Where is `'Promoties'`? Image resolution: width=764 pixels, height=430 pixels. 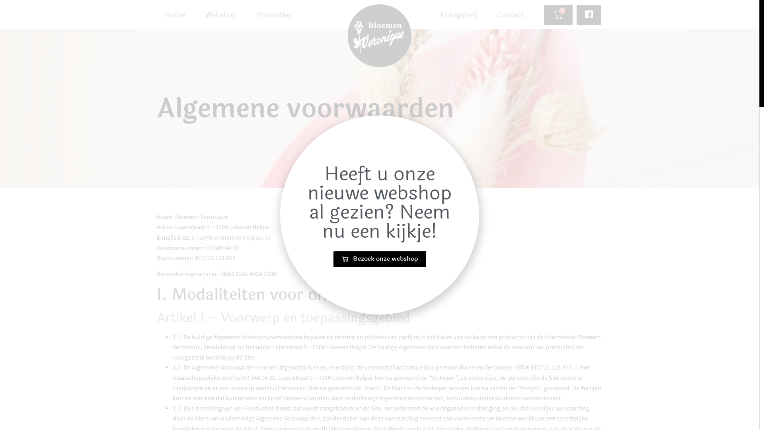 'Promoties' is located at coordinates (274, 15).